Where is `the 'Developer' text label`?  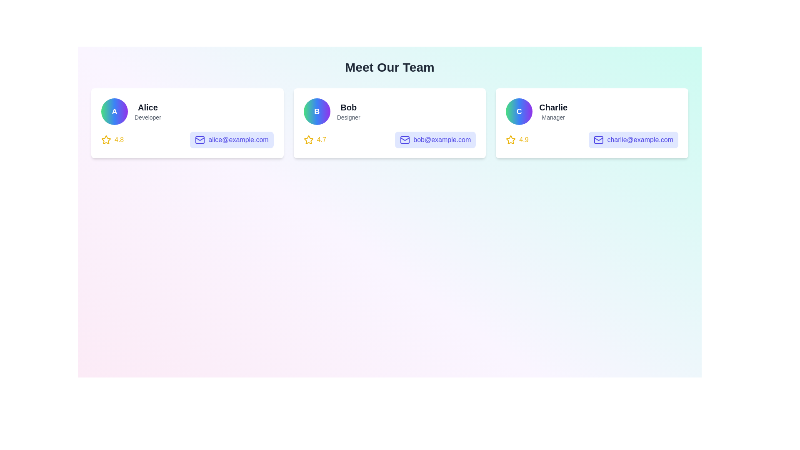 the 'Developer' text label is located at coordinates (147, 117).